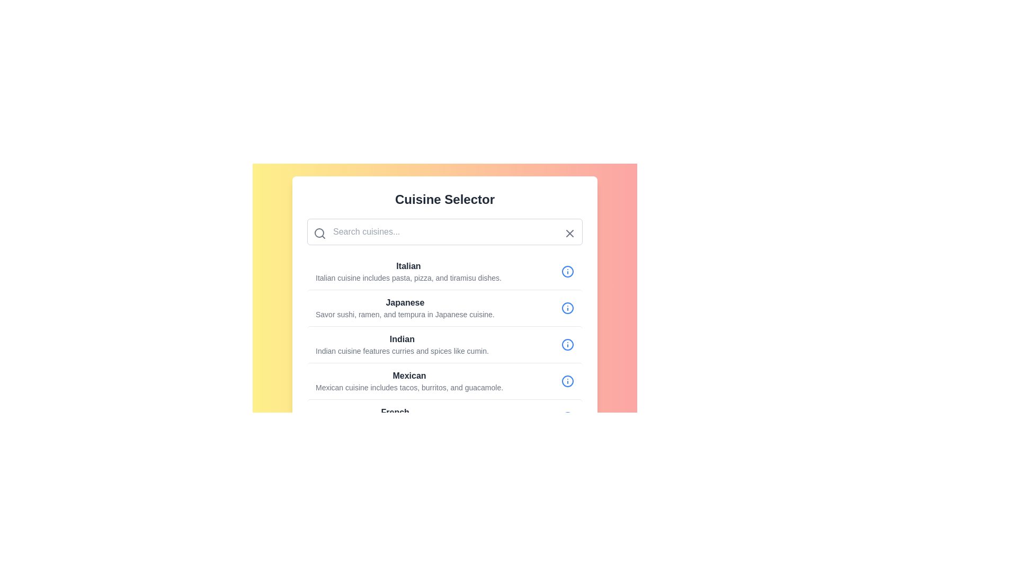 This screenshot has width=1017, height=572. I want to click on text of the heading element that contains the bolded word 'Italian', which is prominently displayed at the top of the cuisine list item under 'Cuisine Selector', so click(408, 265).